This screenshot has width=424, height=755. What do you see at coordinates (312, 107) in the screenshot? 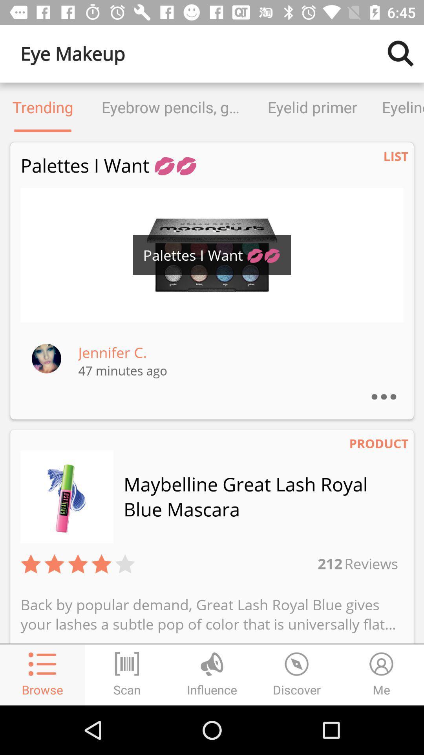
I see `the eyelid primer icon` at bounding box center [312, 107].